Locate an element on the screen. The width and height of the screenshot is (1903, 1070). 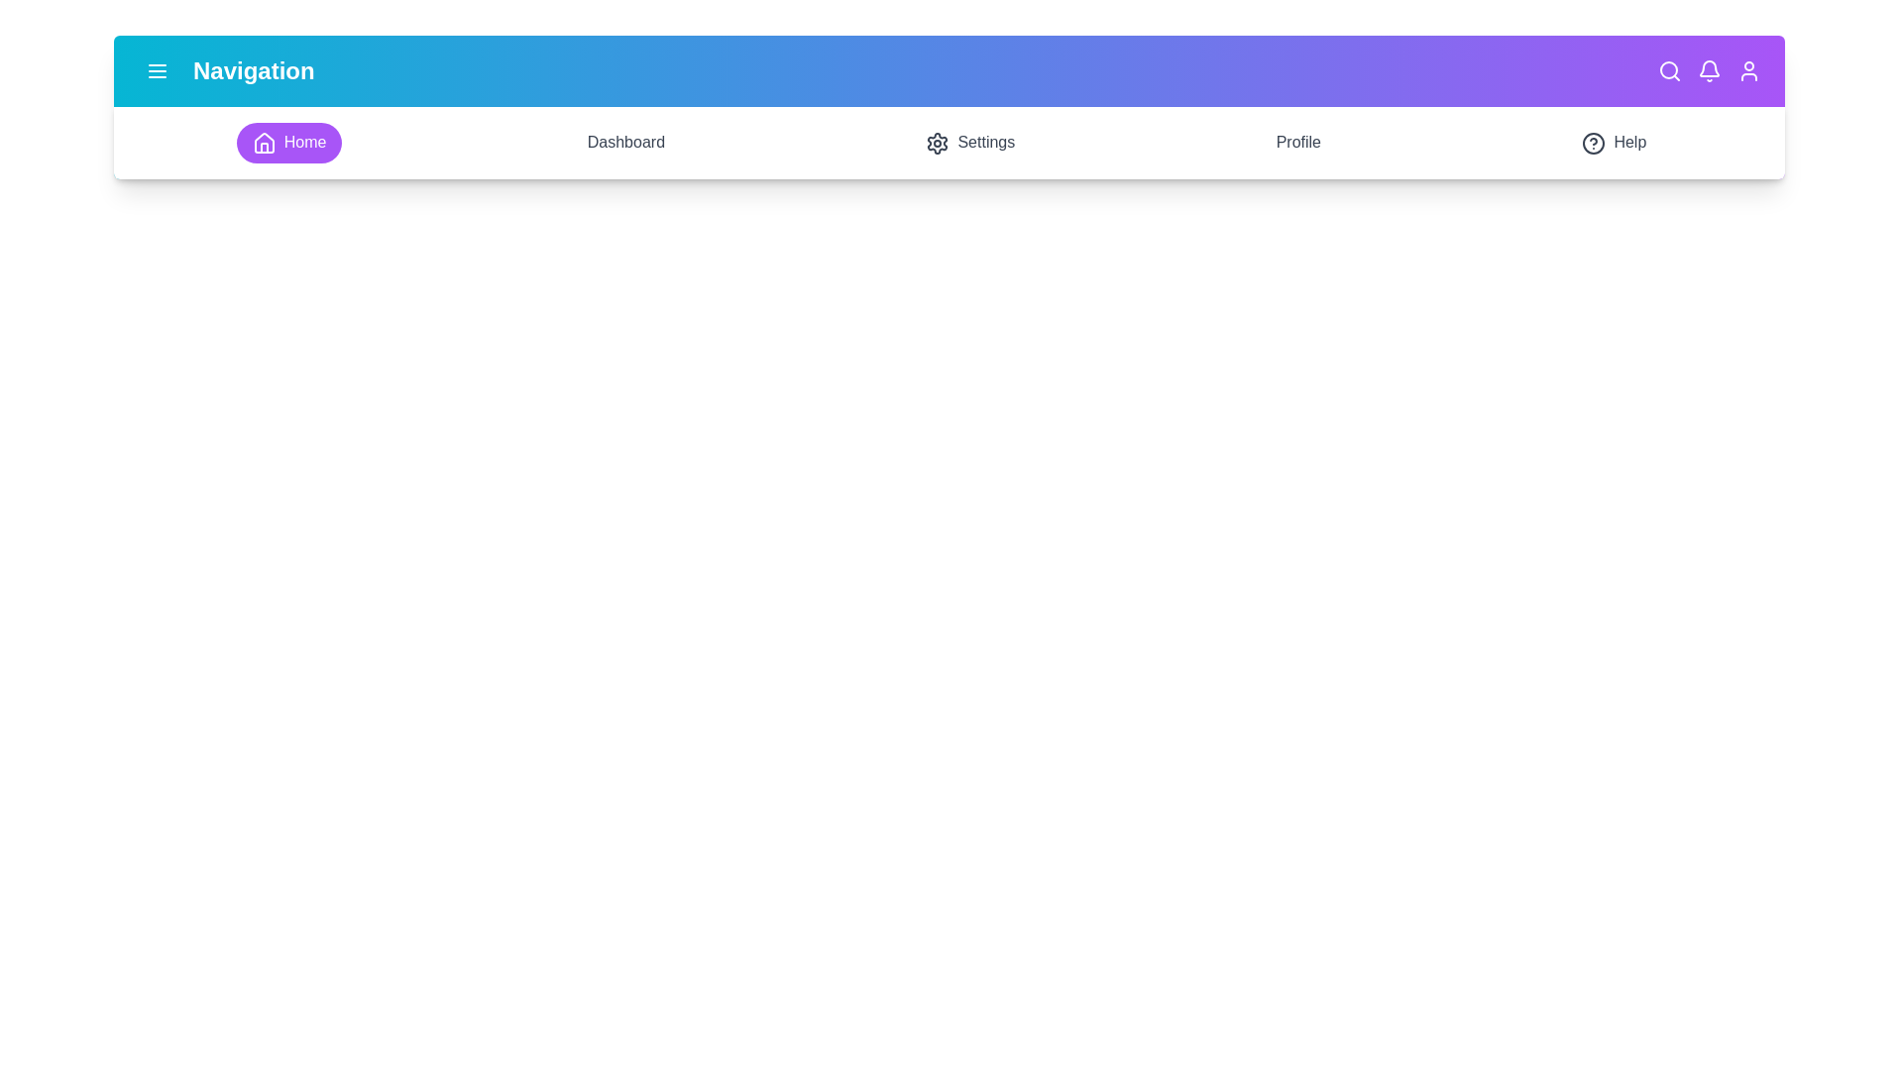
the Dashboard section in the navigation bar is located at coordinates (623, 141).